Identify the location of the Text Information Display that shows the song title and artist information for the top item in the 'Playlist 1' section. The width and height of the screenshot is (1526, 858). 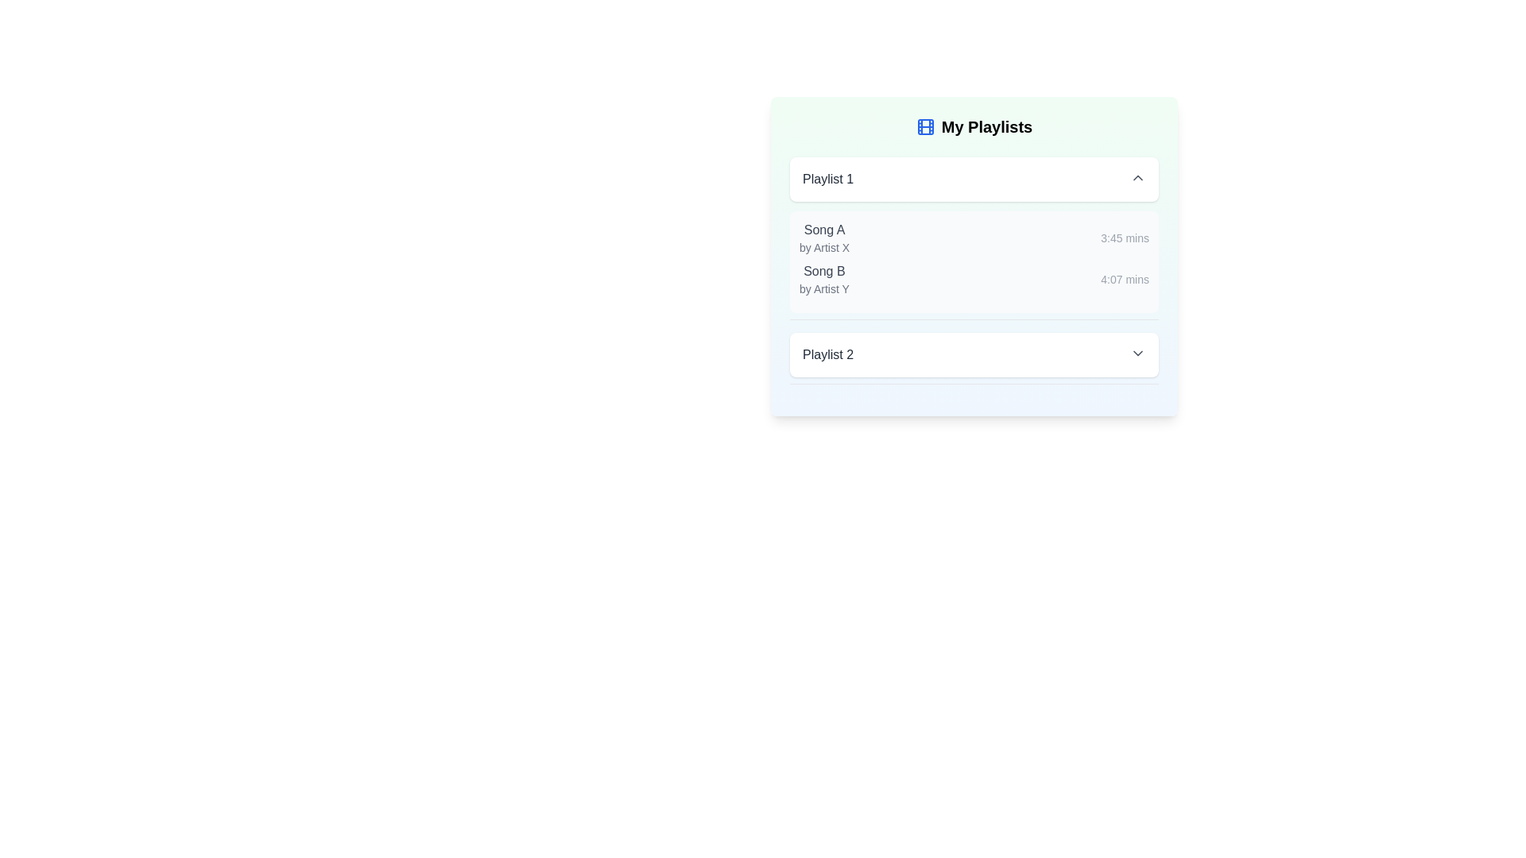
(824, 238).